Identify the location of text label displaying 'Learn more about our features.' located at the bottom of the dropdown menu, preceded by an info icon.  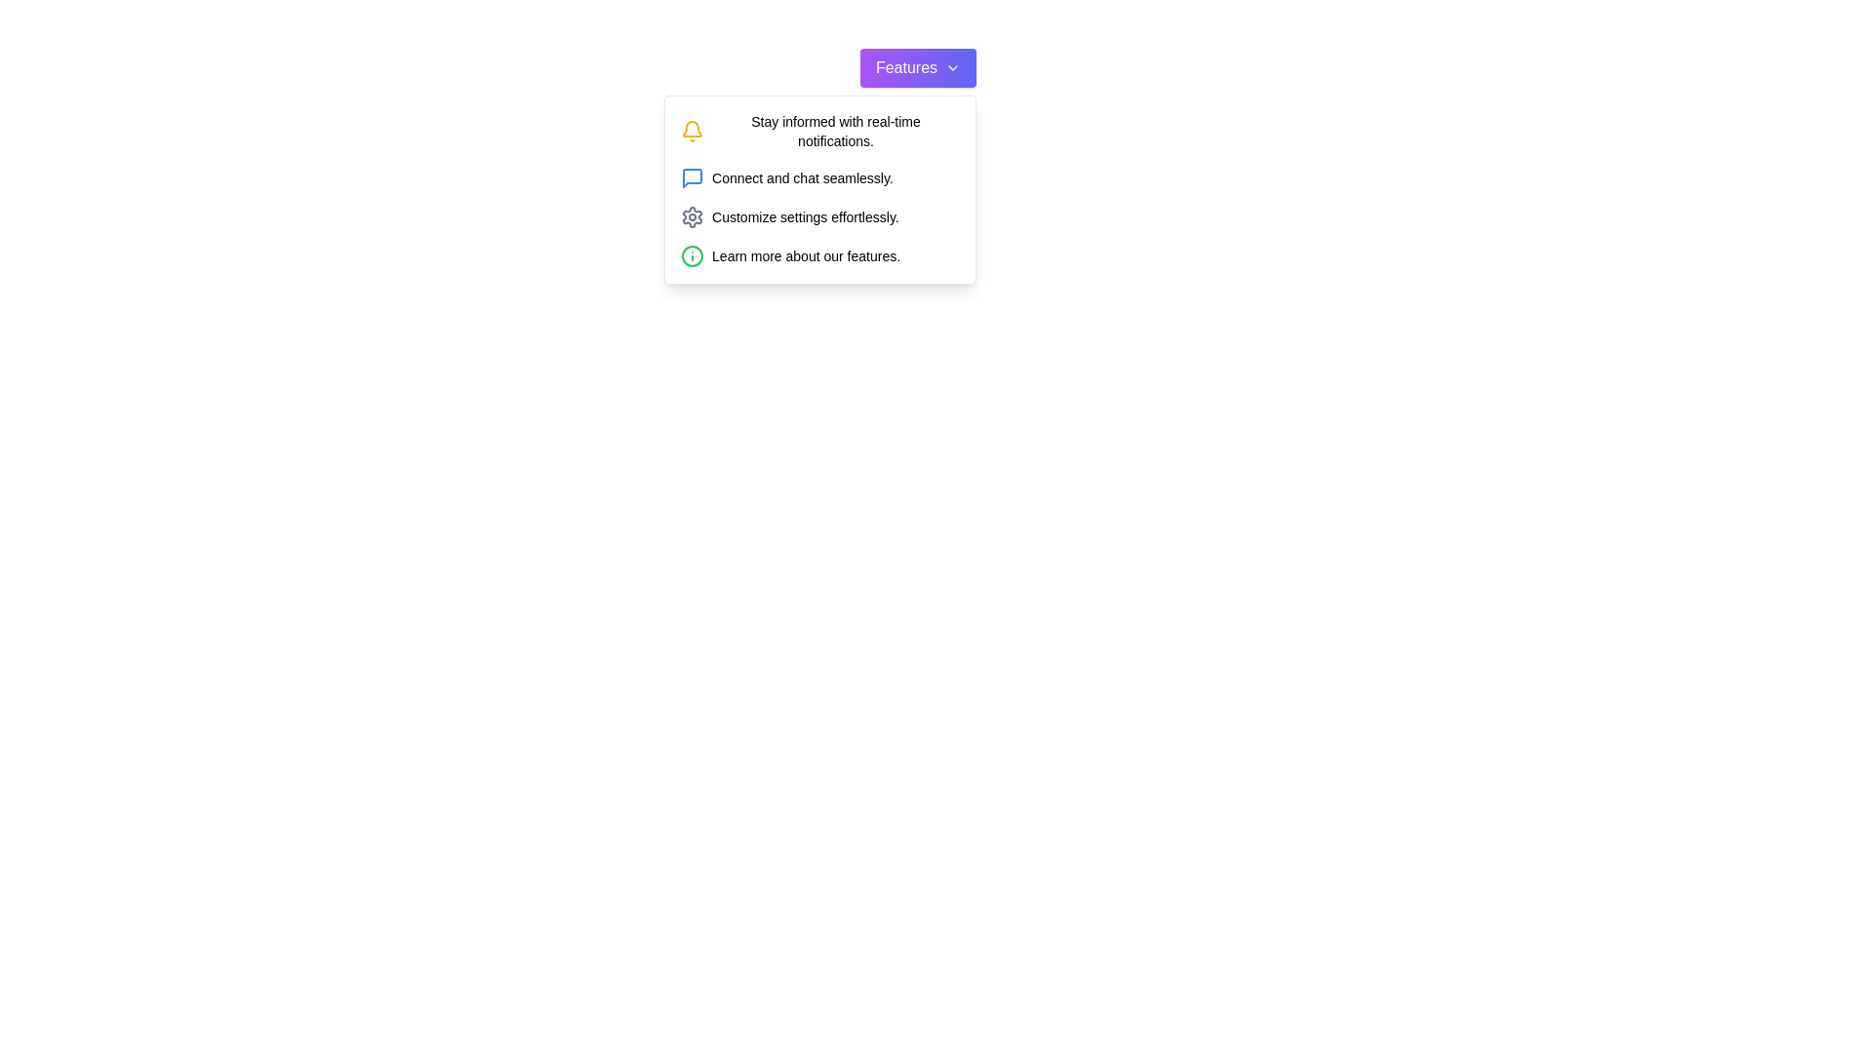
(806, 254).